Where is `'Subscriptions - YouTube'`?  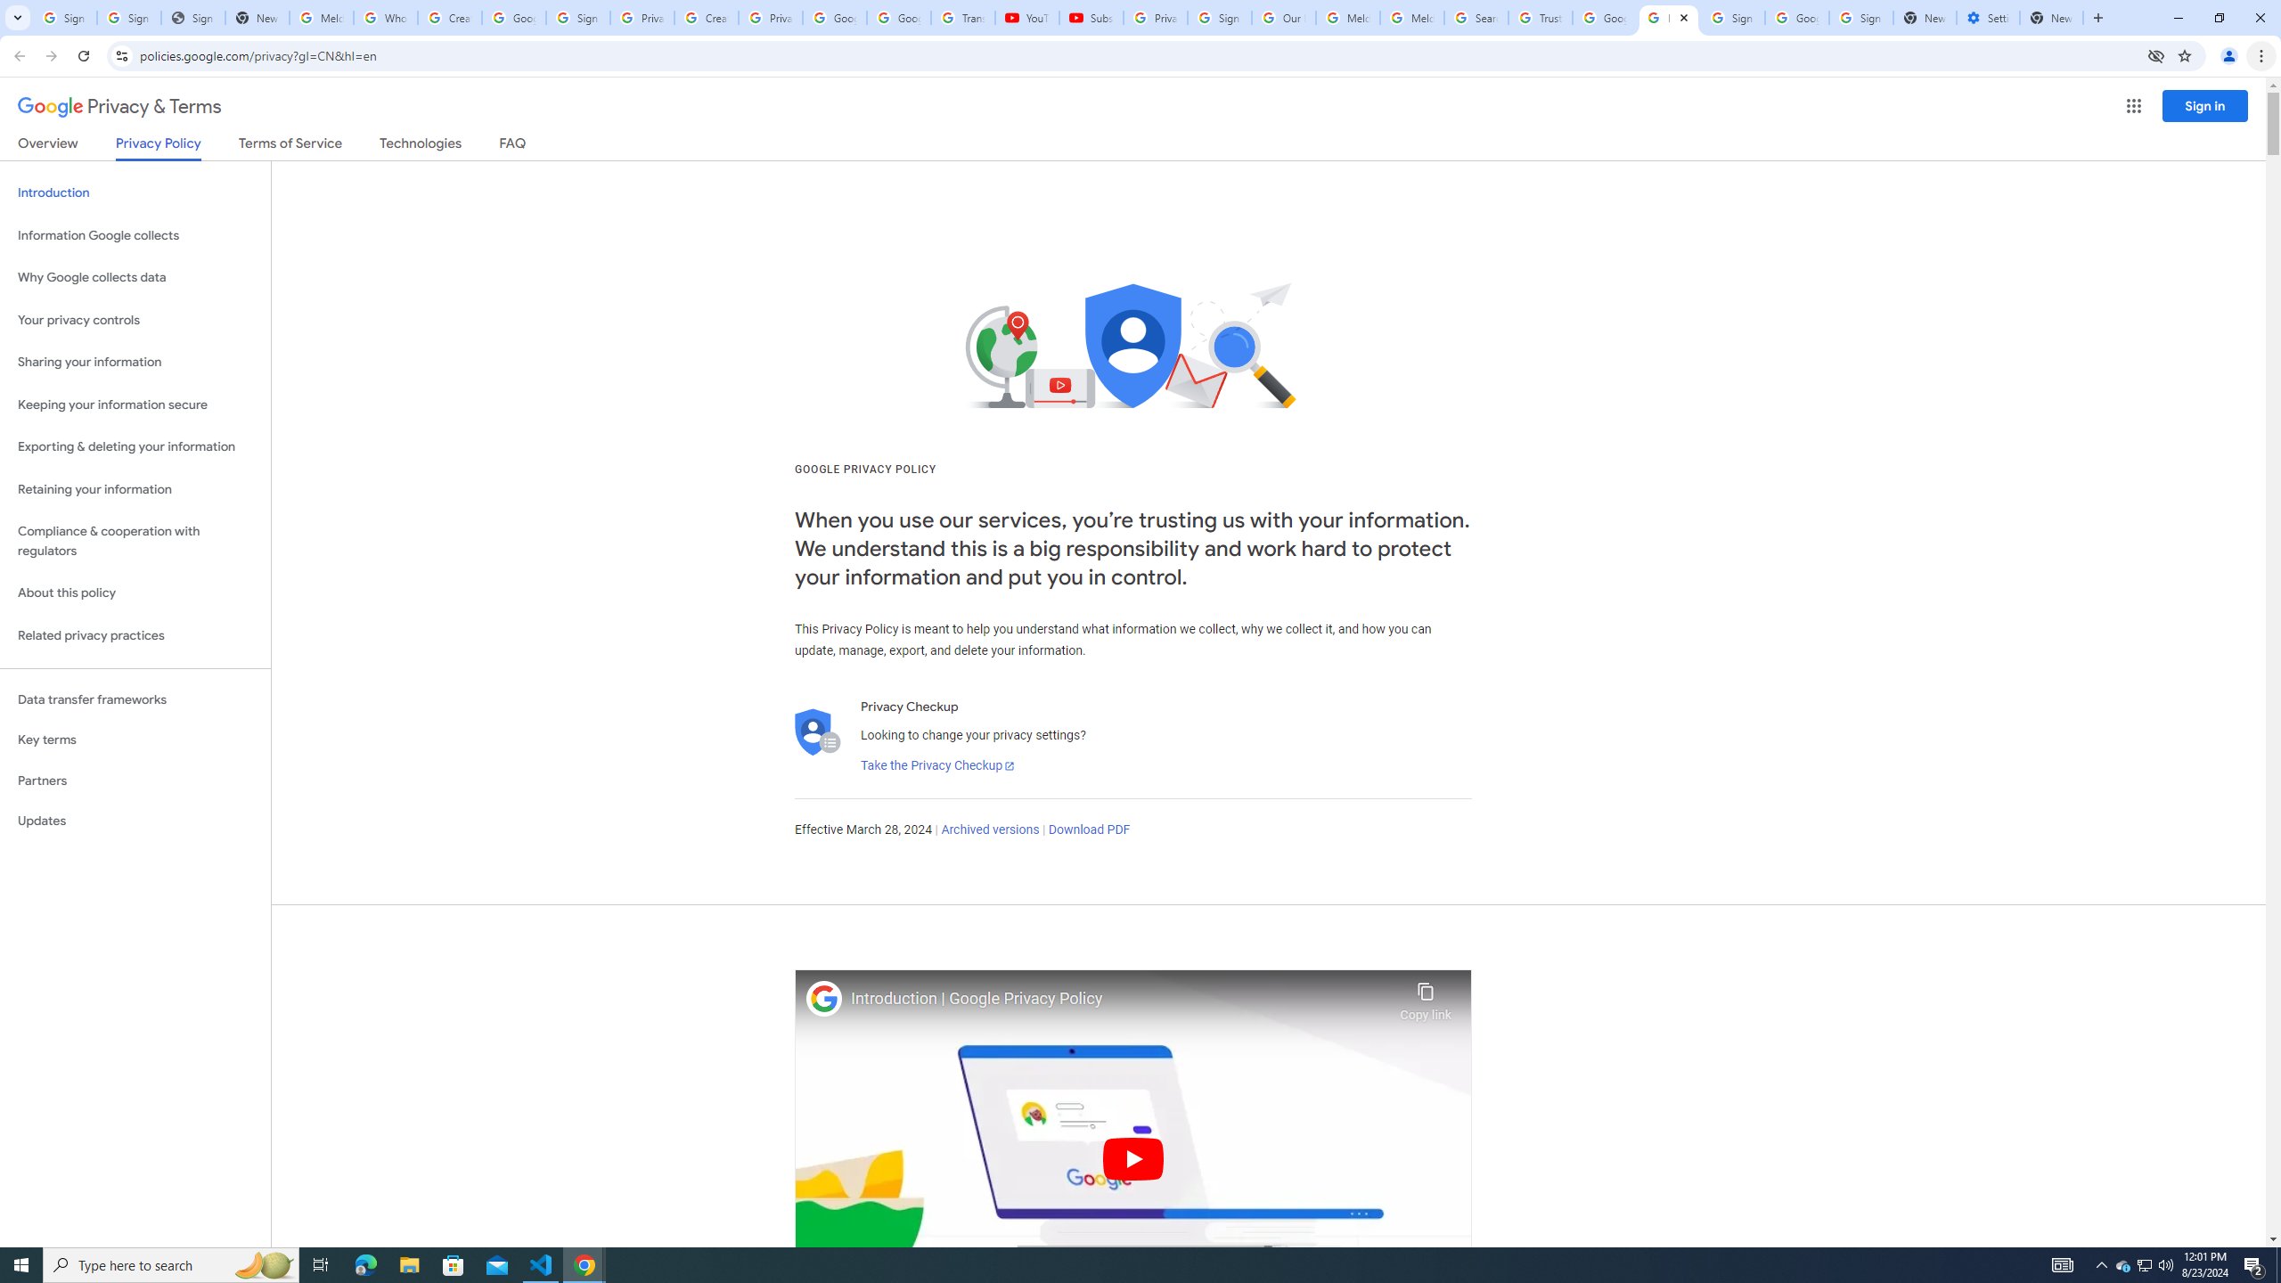 'Subscriptions - YouTube' is located at coordinates (1090, 17).